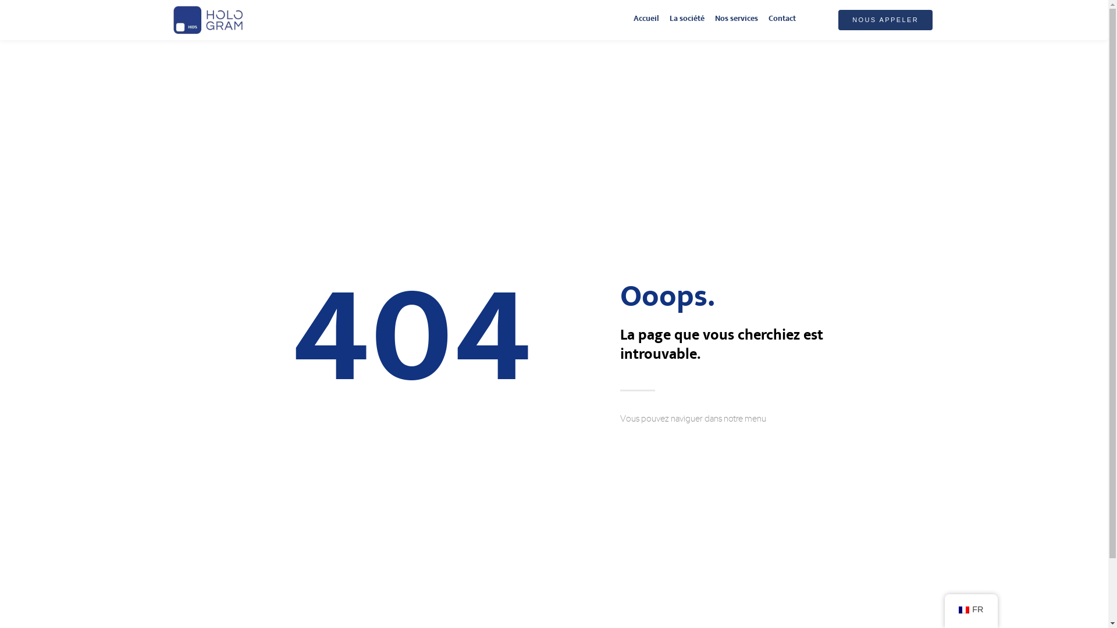 The image size is (1117, 628). I want to click on 'FR', so click(971, 609).